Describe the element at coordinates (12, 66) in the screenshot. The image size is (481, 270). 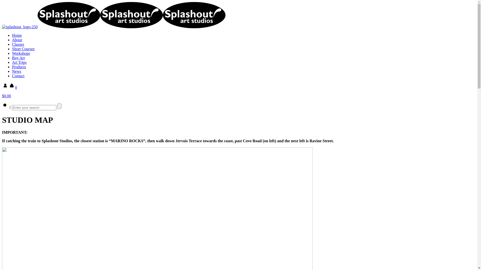
I see `'Products'` at that location.